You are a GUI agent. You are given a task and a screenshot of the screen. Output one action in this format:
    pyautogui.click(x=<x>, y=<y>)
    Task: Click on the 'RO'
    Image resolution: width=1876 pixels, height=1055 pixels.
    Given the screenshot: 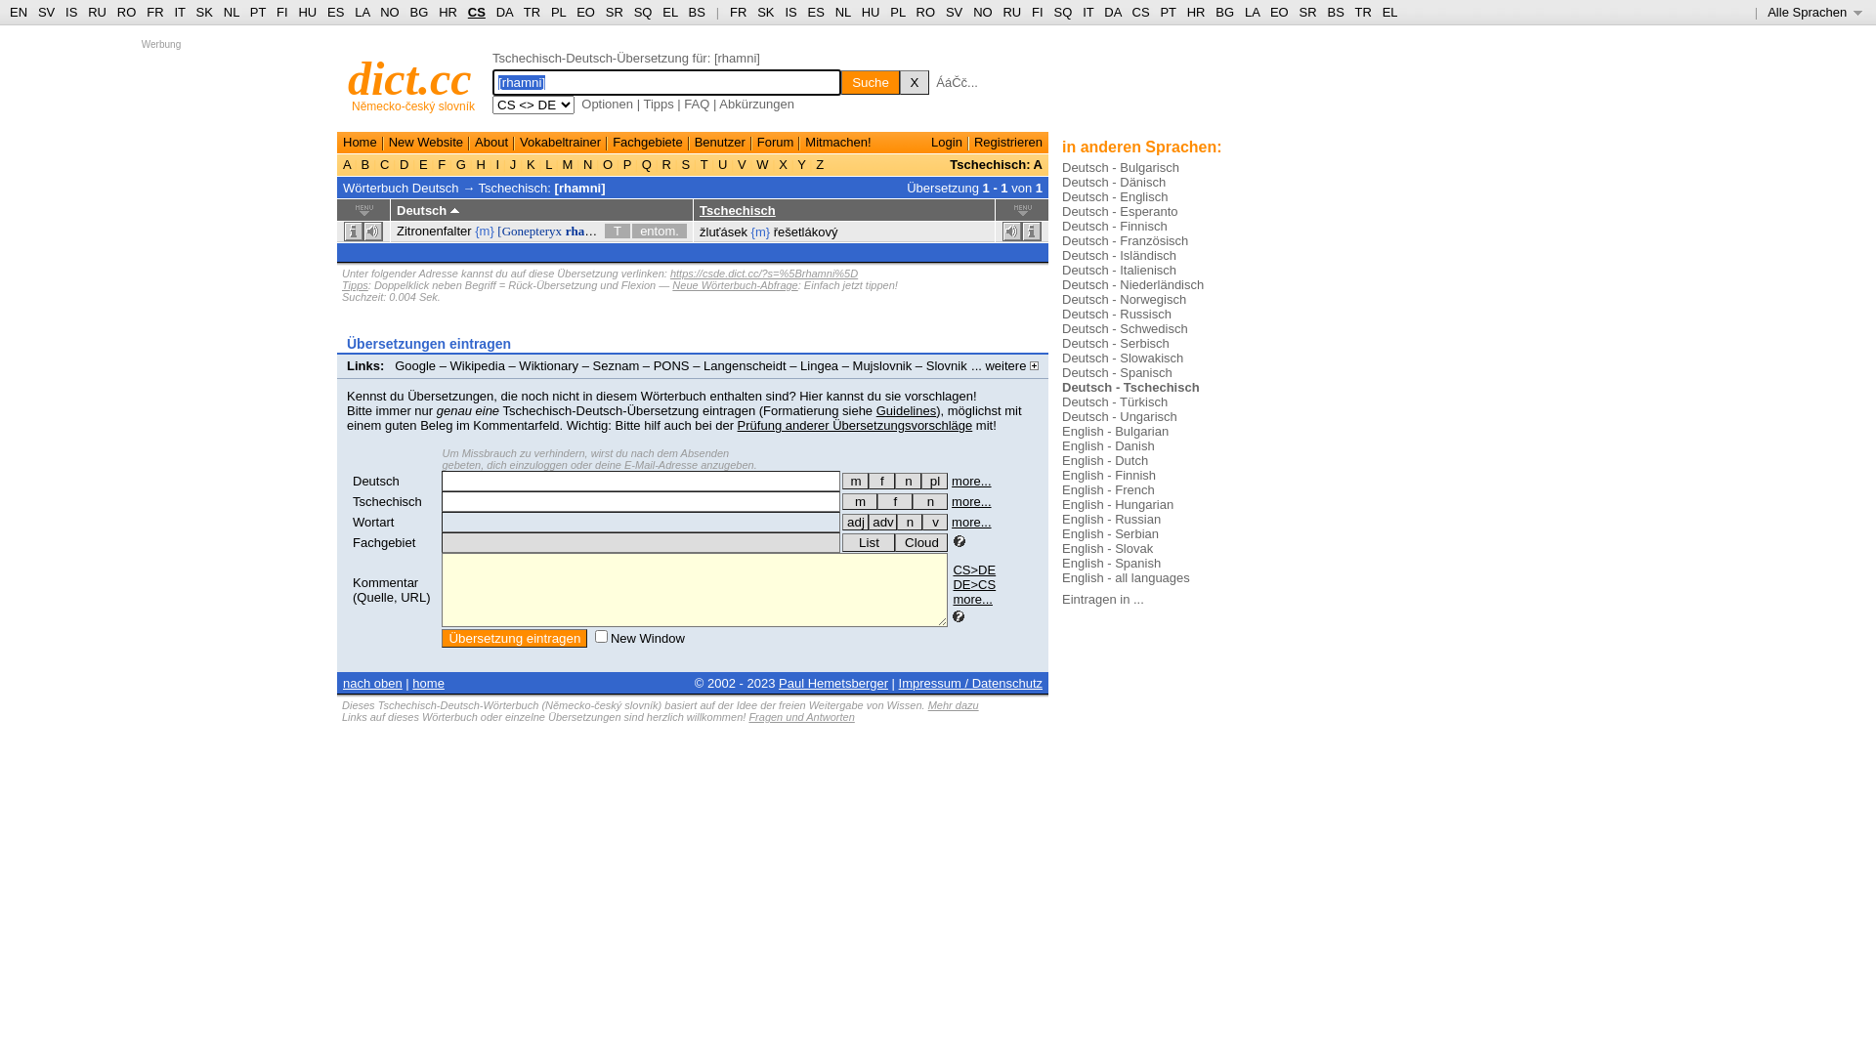 What is the action you would take?
    pyautogui.click(x=925, y=12)
    